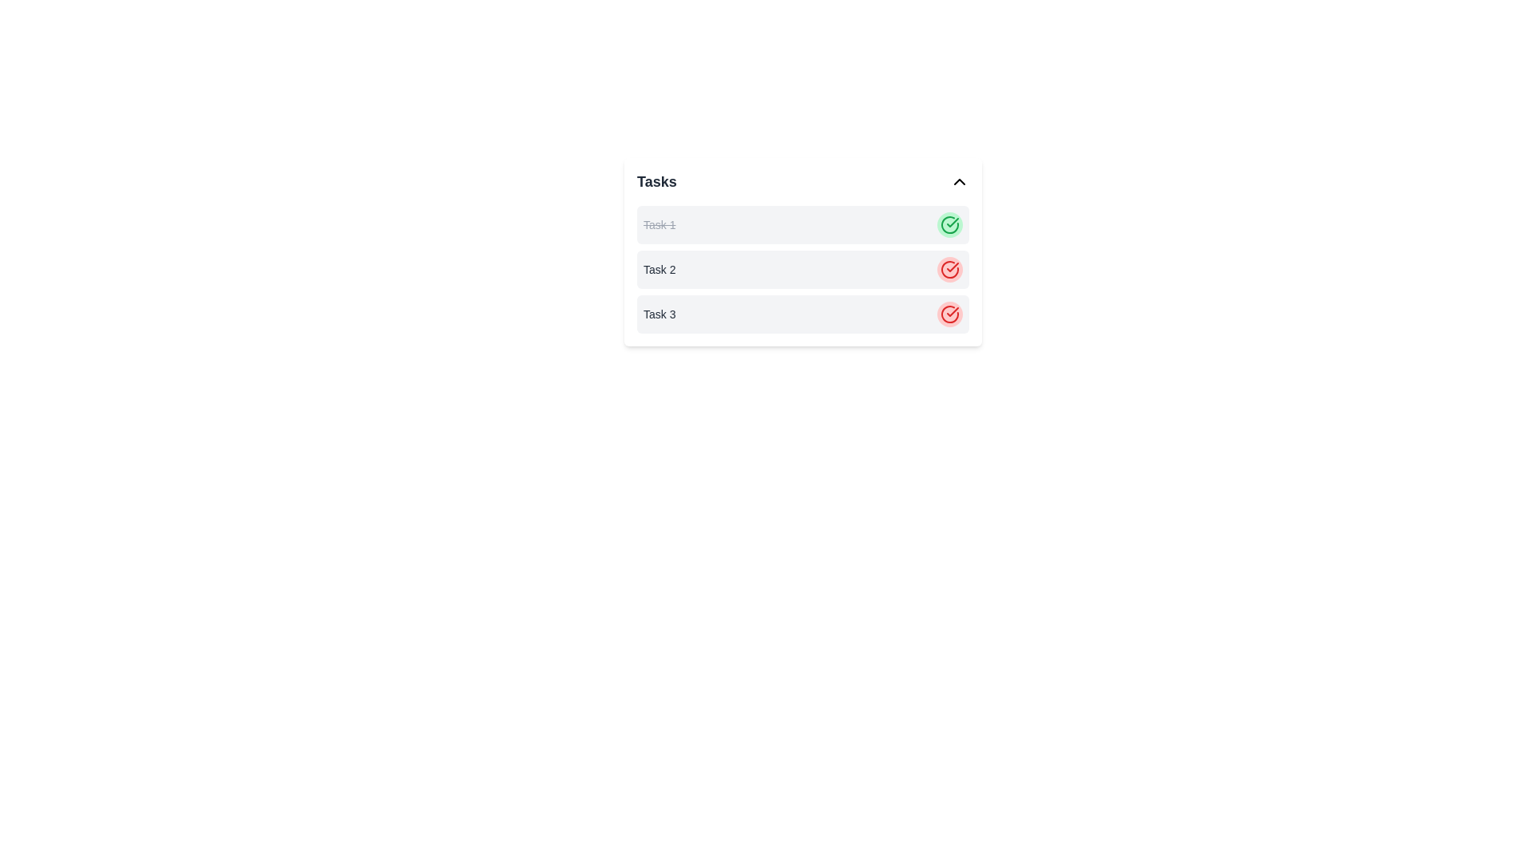 The width and height of the screenshot is (1533, 862). I want to click on the text label displaying 'Task 1' with a strikethrough styling, indicating it is completed or deactivated, so click(660, 224).